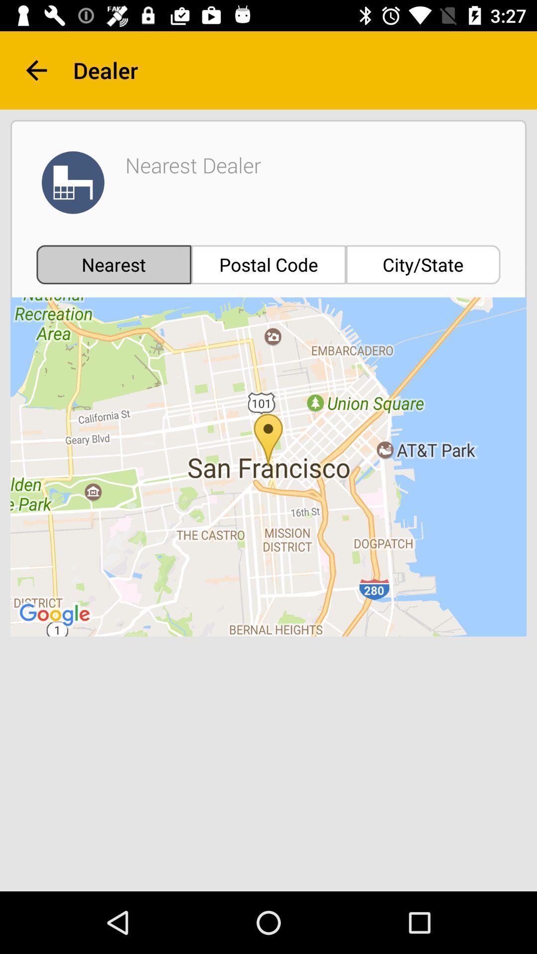  Describe the element at coordinates (36, 70) in the screenshot. I see `the item to the left of the dealer item` at that location.